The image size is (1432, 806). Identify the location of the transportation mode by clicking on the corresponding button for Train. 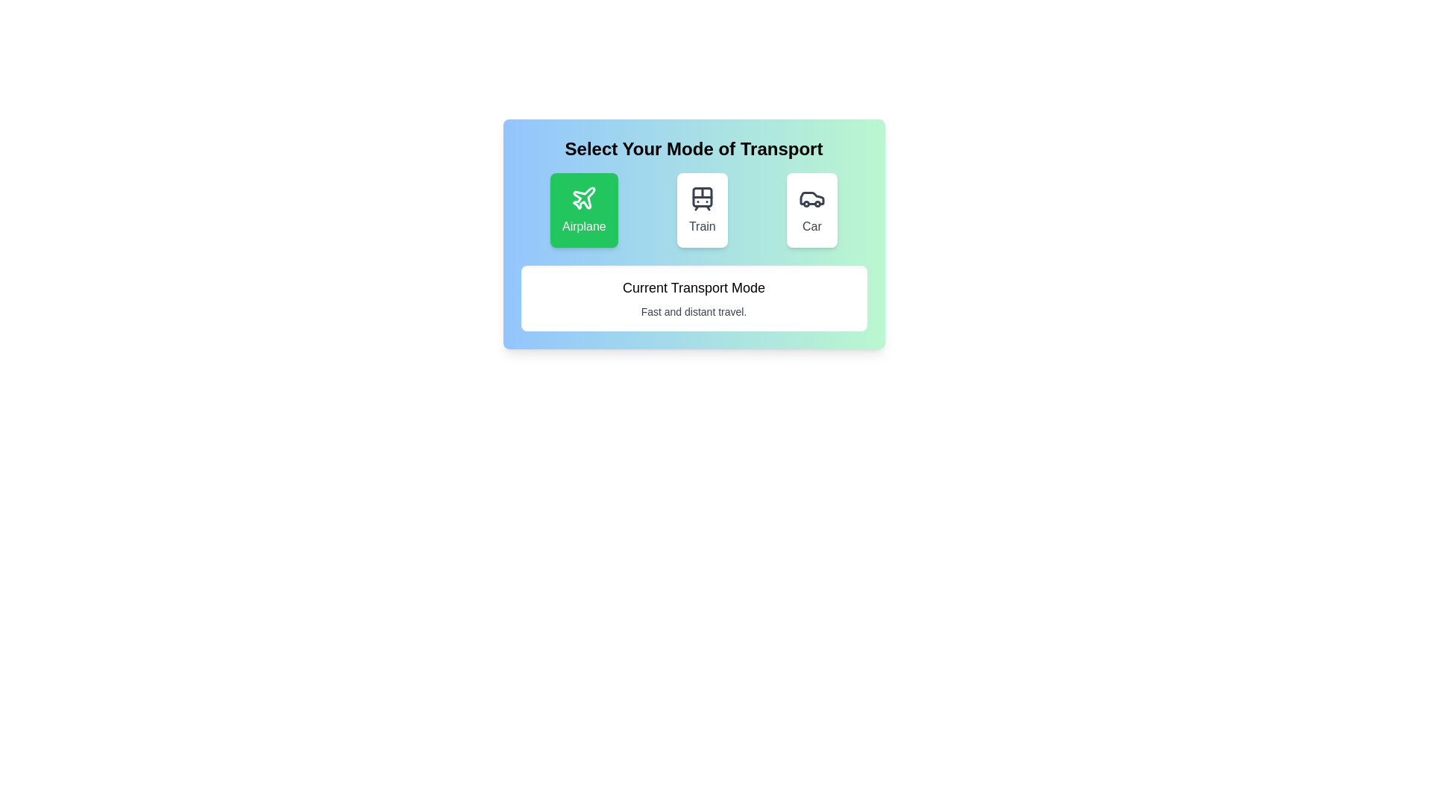
(701, 210).